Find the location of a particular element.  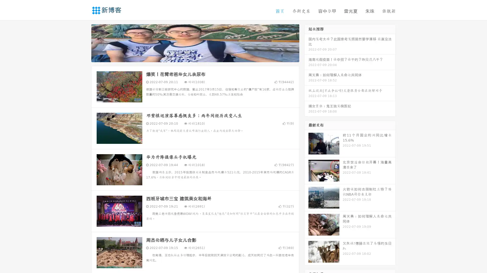

Go to slide 2 is located at coordinates (195, 57).